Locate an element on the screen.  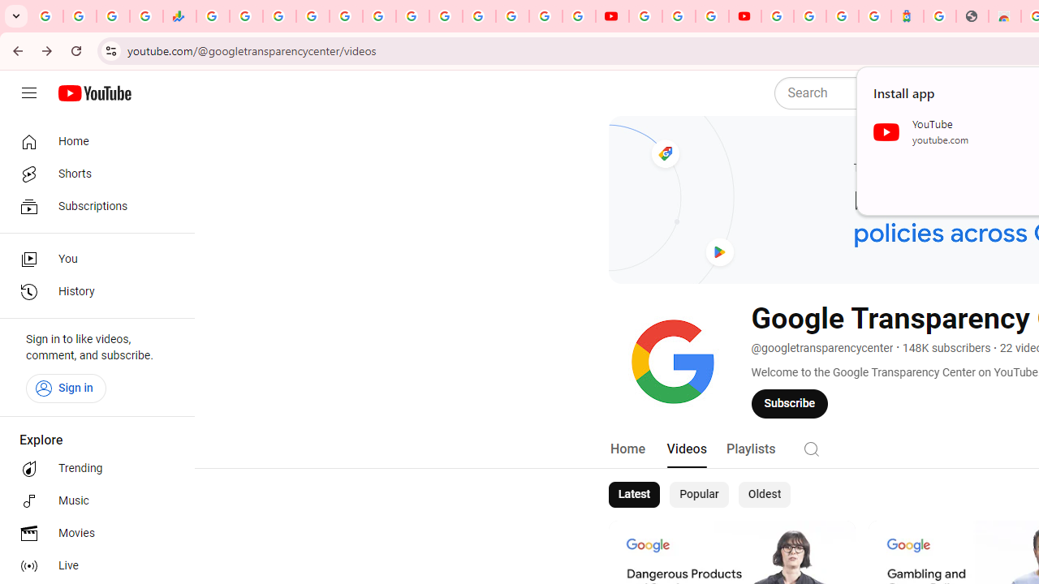
'Latest' is located at coordinates (632, 493).